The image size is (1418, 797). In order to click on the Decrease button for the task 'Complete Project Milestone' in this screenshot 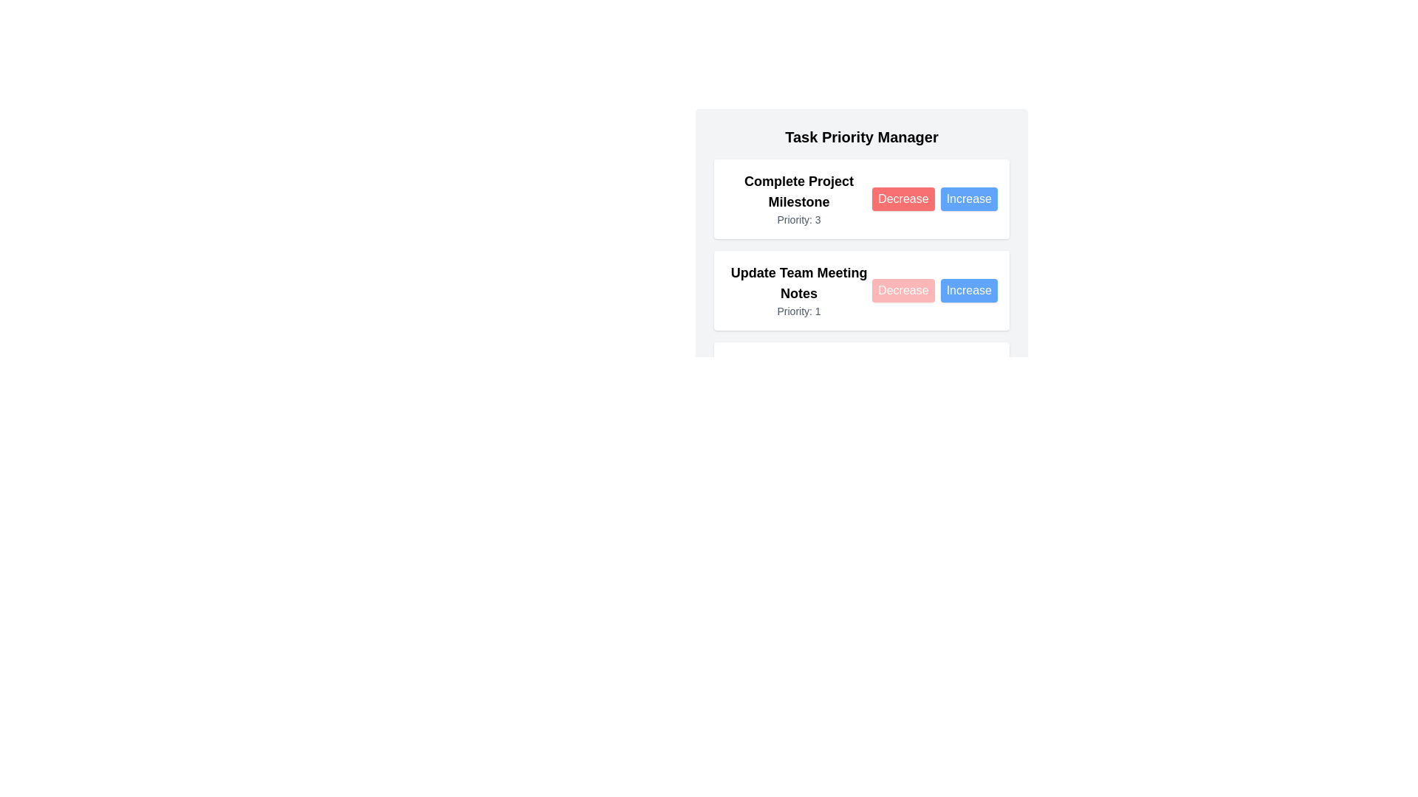, I will do `click(902, 199)`.